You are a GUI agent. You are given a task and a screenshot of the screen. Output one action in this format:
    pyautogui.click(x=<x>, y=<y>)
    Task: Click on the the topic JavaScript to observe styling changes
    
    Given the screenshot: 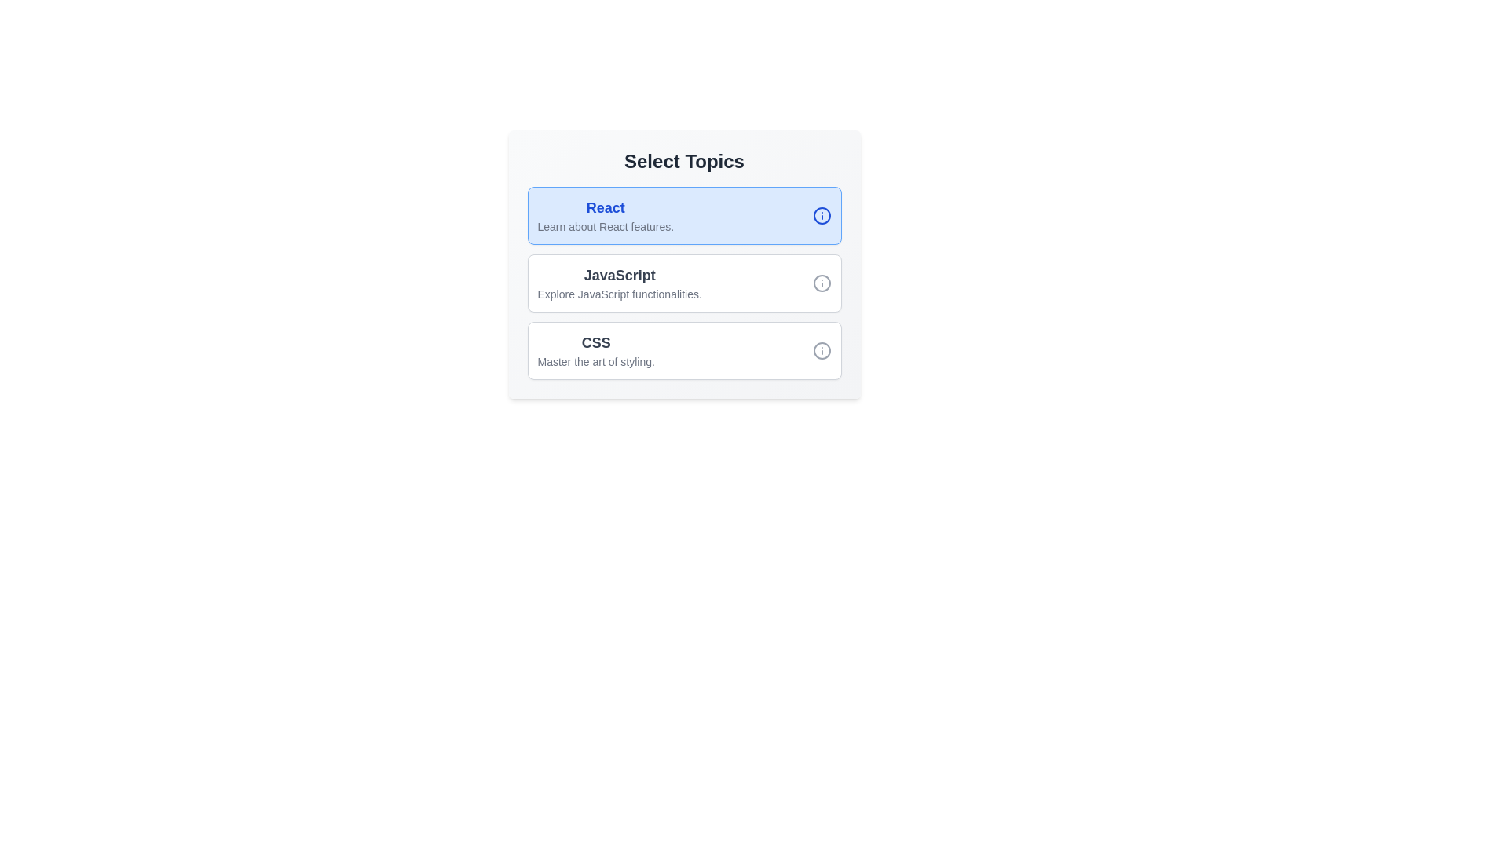 What is the action you would take?
    pyautogui.click(x=619, y=283)
    